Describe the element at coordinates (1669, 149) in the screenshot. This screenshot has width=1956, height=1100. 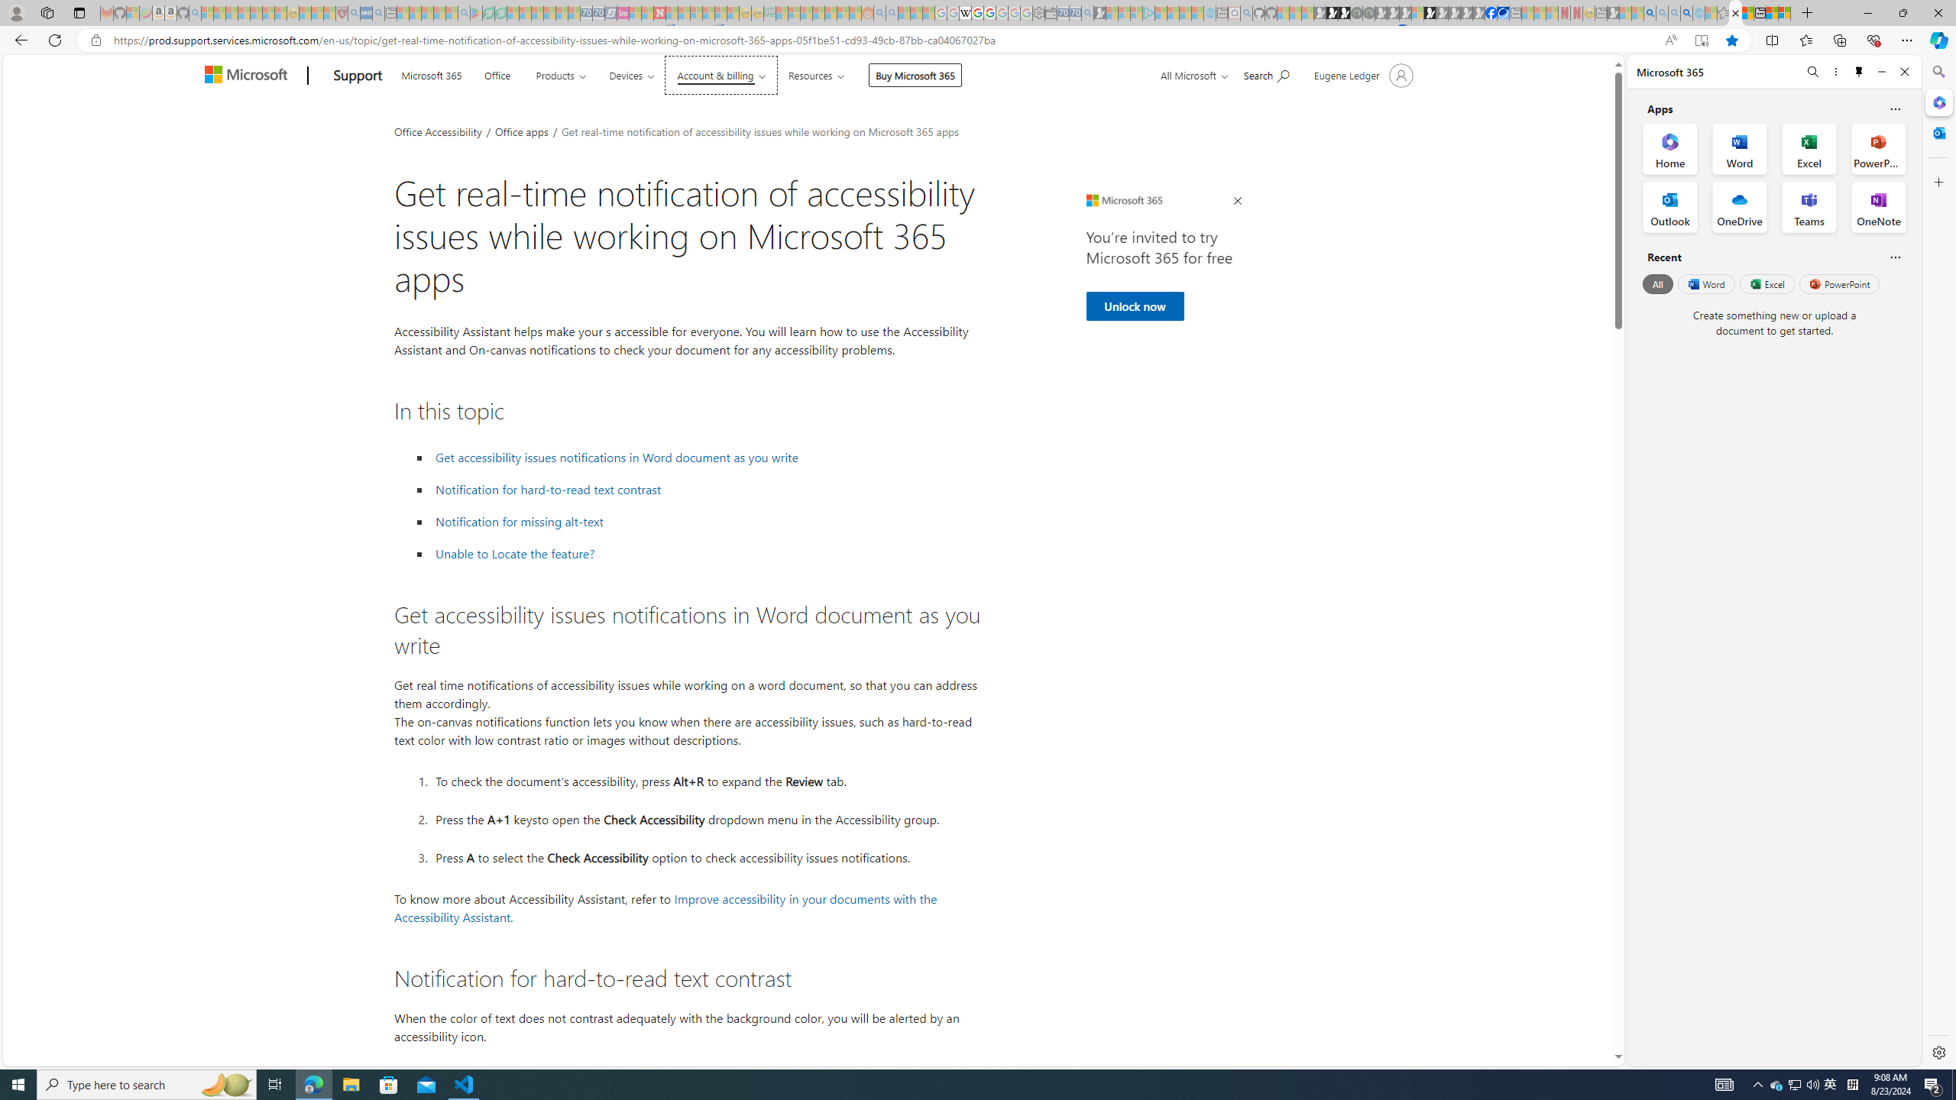
I see `'Home Office App'` at that location.